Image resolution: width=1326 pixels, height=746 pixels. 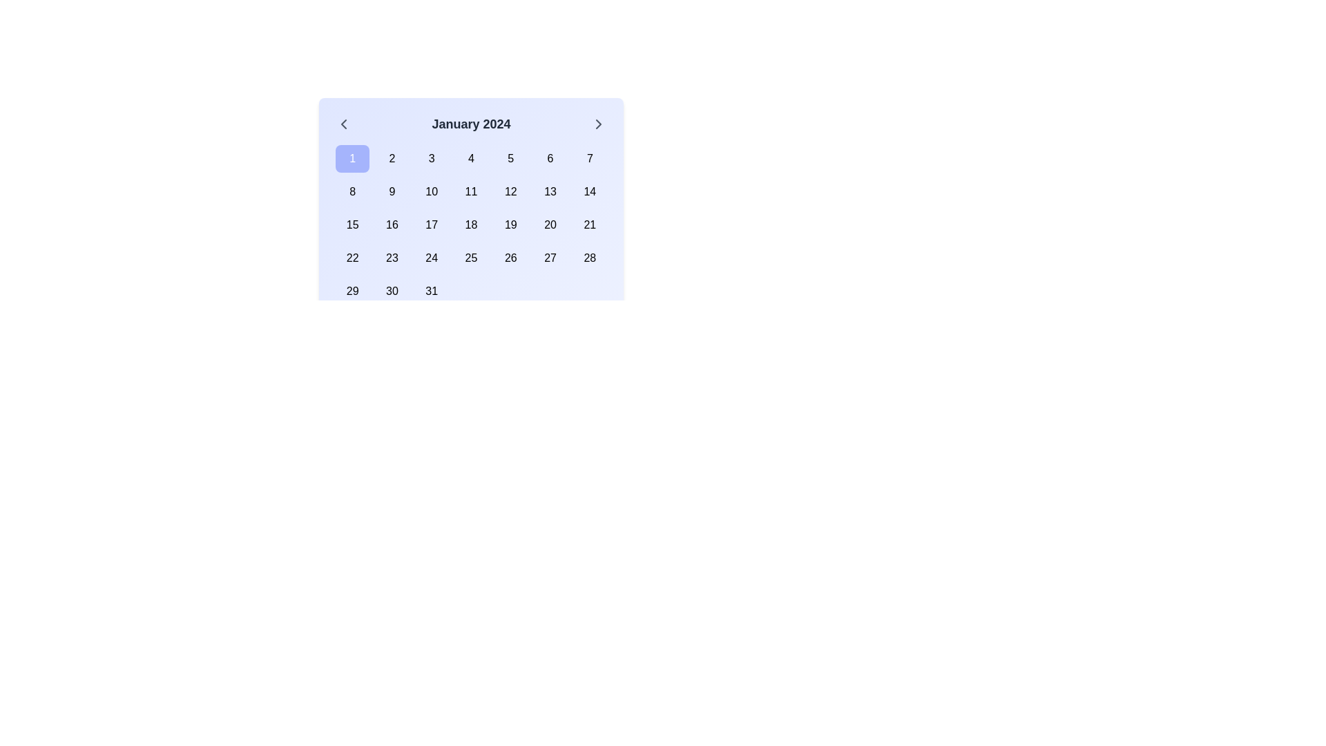 What do you see at coordinates (391, 290) in the screenshot?
I see `the date button '30' in the January 2024 calendar to activate additional effects` at bounding box center [391, 290].